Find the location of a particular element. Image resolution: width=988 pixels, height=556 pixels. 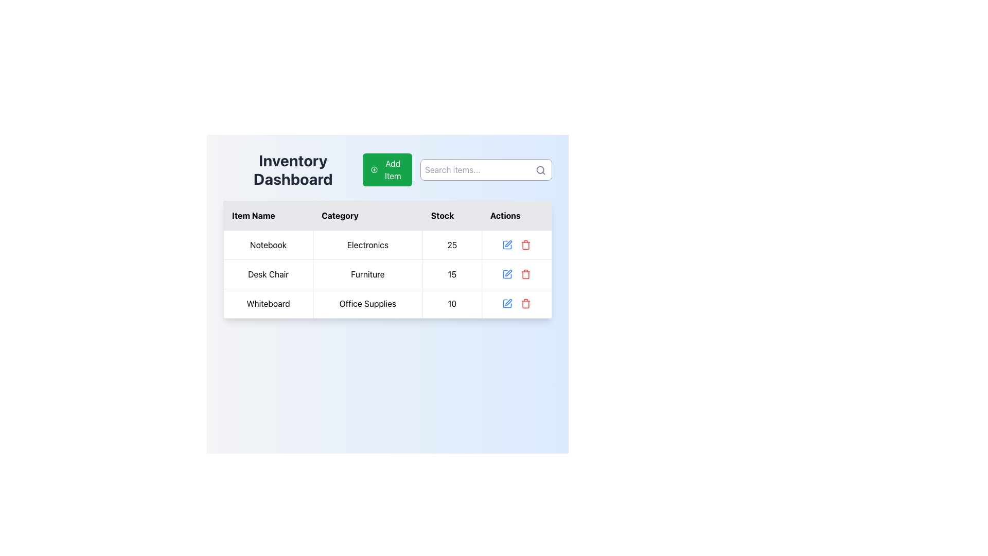

the small pen icon located in the 'Actions' column of the inventory table adjacent to the 'Notebook' row is located at coordinates (508, 244).